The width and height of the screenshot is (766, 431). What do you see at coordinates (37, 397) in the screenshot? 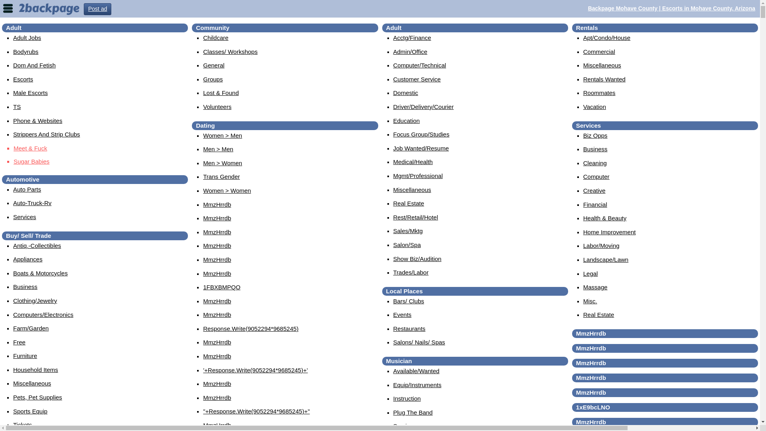
I see `'Pets, Pet Supplies'` at bounding box center [37, 397].